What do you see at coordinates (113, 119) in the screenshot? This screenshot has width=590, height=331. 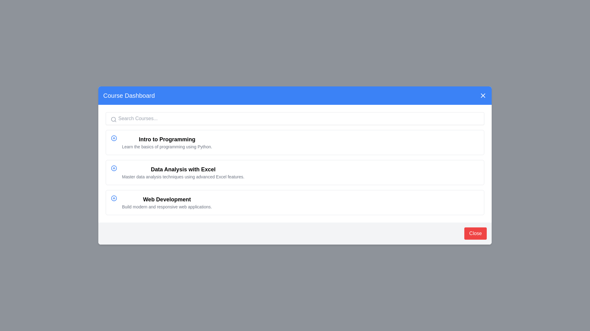 I see `the circular SVG graphic that represents the magnifying glass's lens in the search icon located in the search input bar near the top of the interface` at bounding box center [113, 119].